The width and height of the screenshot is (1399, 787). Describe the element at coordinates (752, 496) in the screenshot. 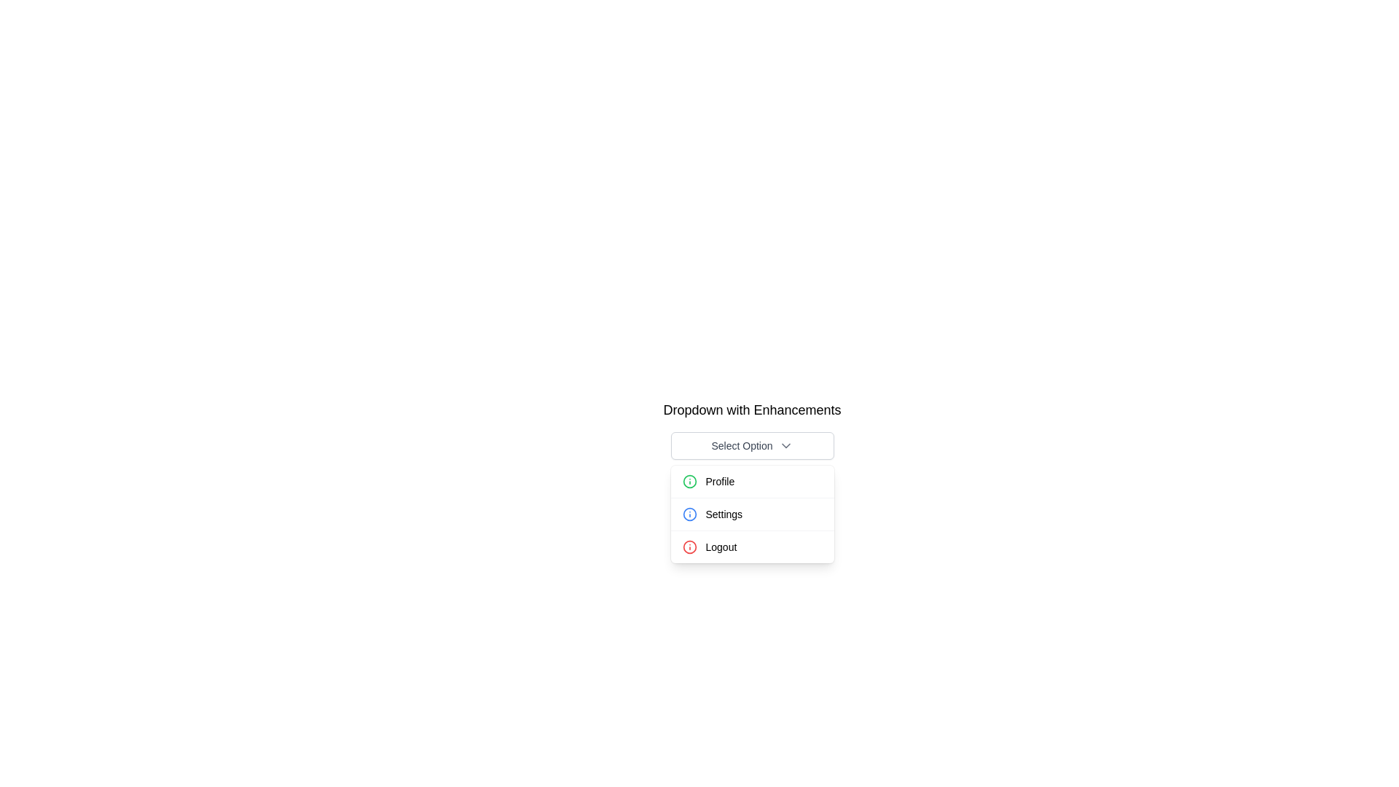

I see `the 'Settings' option in the dropdown menu, which is the second item under 'Select Option', located between 'Profile' and 'Logout'` at that location.